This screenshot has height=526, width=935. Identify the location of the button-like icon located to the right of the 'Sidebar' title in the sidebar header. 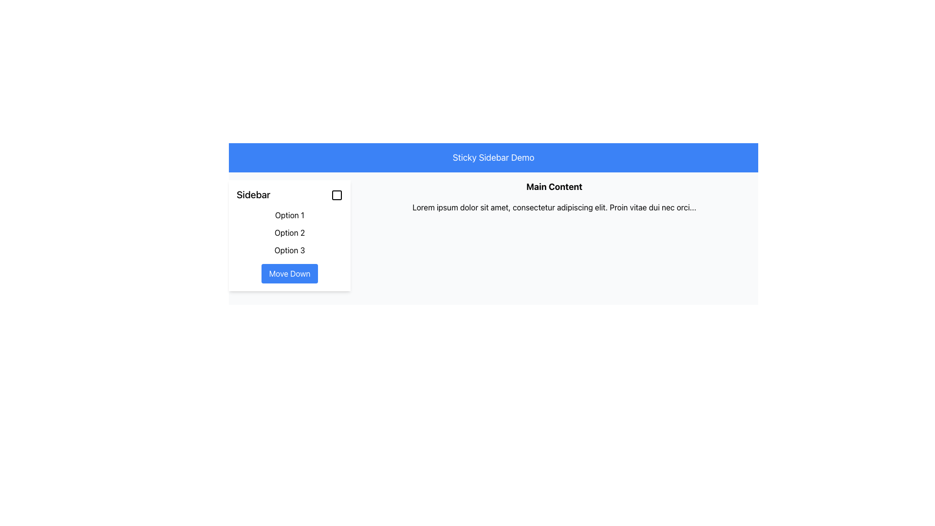
(337, 195).